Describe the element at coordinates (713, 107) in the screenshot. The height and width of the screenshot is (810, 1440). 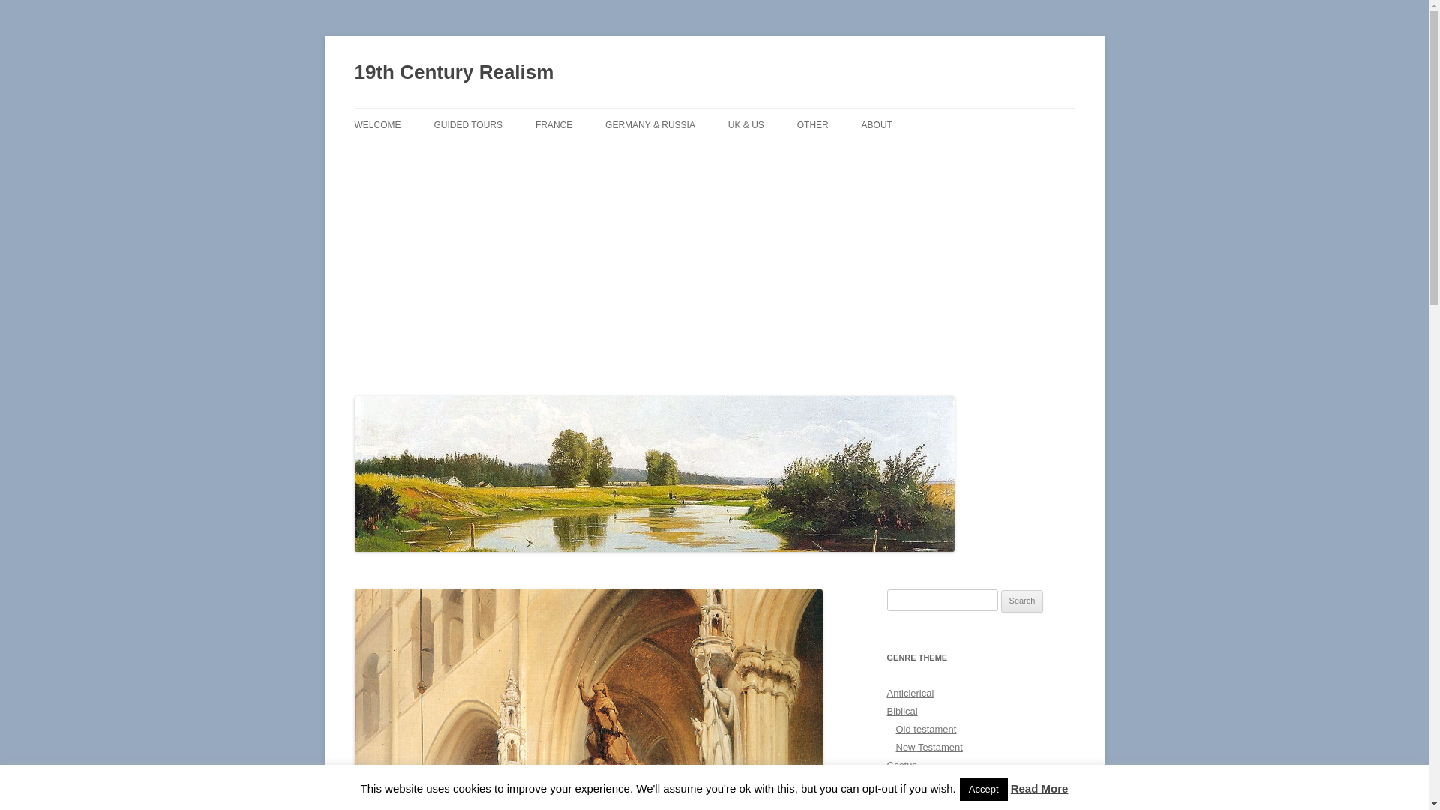
I see `'Skip to content'` at that location.